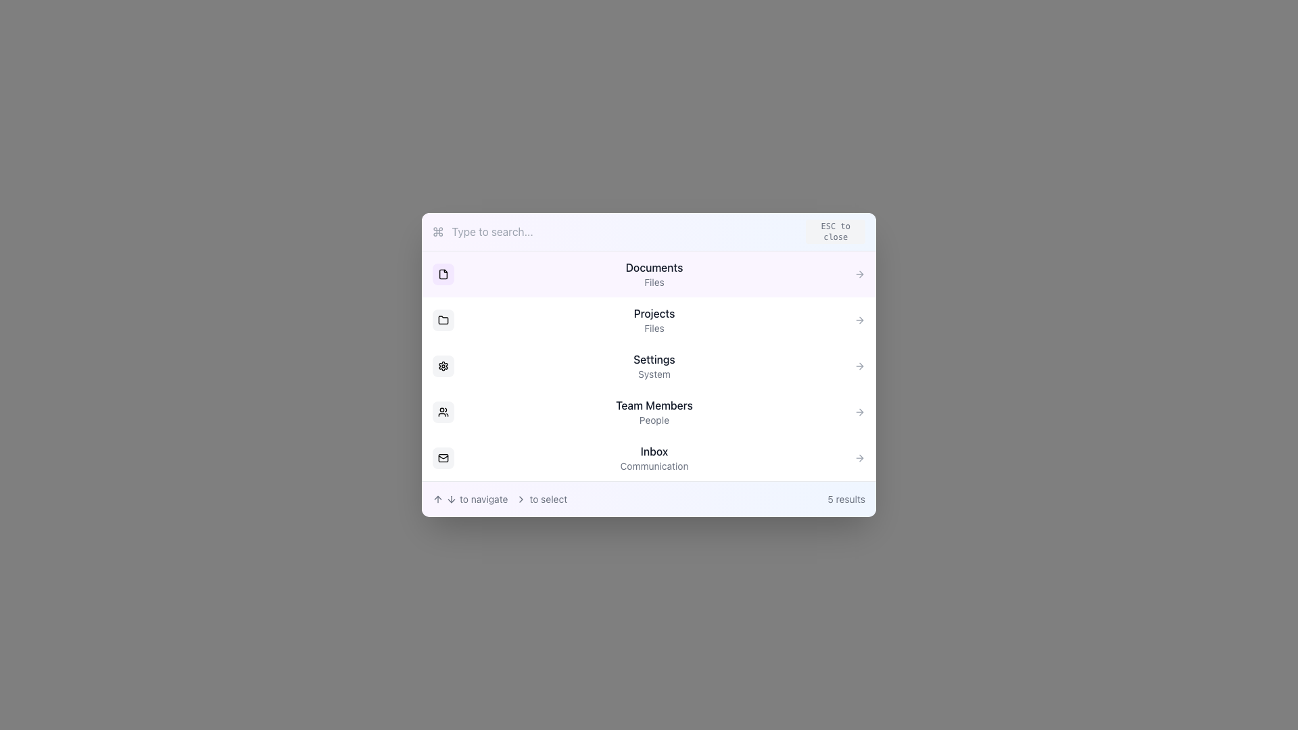 This screenshot has height=730, width=1298. Describe the element at coordinates (443, 366) in the screenshot. I see `the settings icon button, which is a small rounded rectangle with a gear icon` at that location.